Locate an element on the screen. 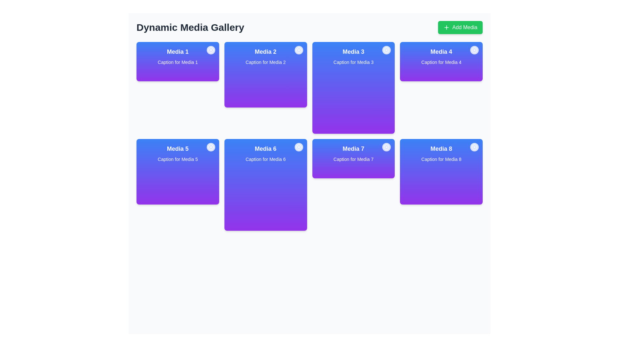 This screenshot has width=630, height=354. text content of the descriptive Text label located in the 'Media 7' card, which is the seventh caption element below the main title is located at coordinates (353, 159).